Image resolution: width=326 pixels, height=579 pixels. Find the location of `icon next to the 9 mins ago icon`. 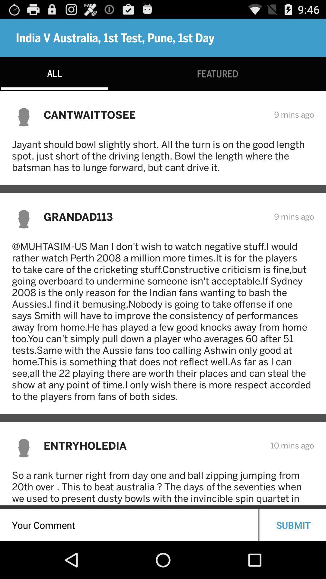

icon next to the 9 mins ago icon is located at coordinates (155, 115).